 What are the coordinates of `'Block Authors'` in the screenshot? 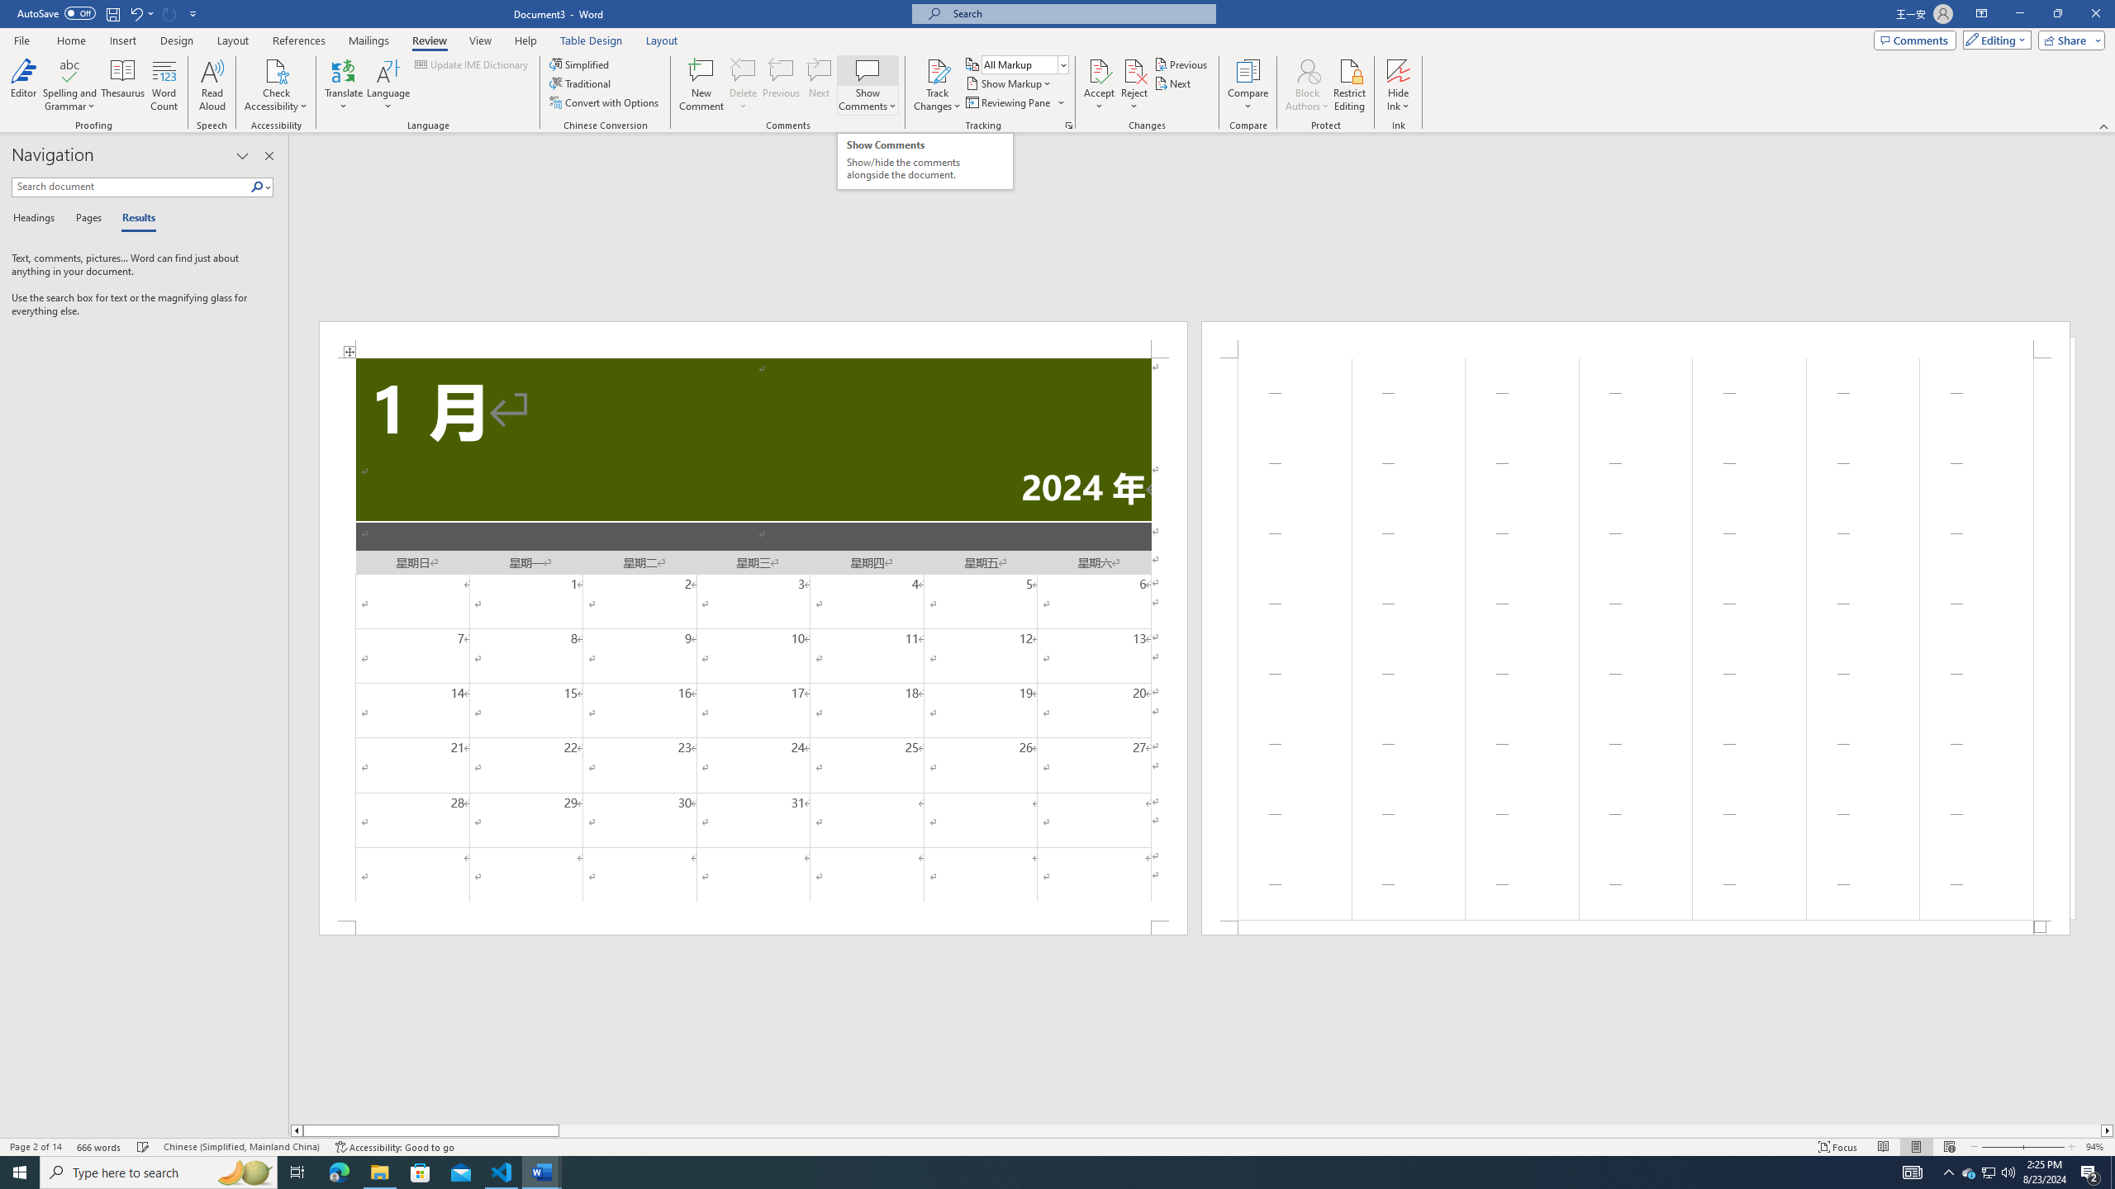 It's located at (1307, 85).